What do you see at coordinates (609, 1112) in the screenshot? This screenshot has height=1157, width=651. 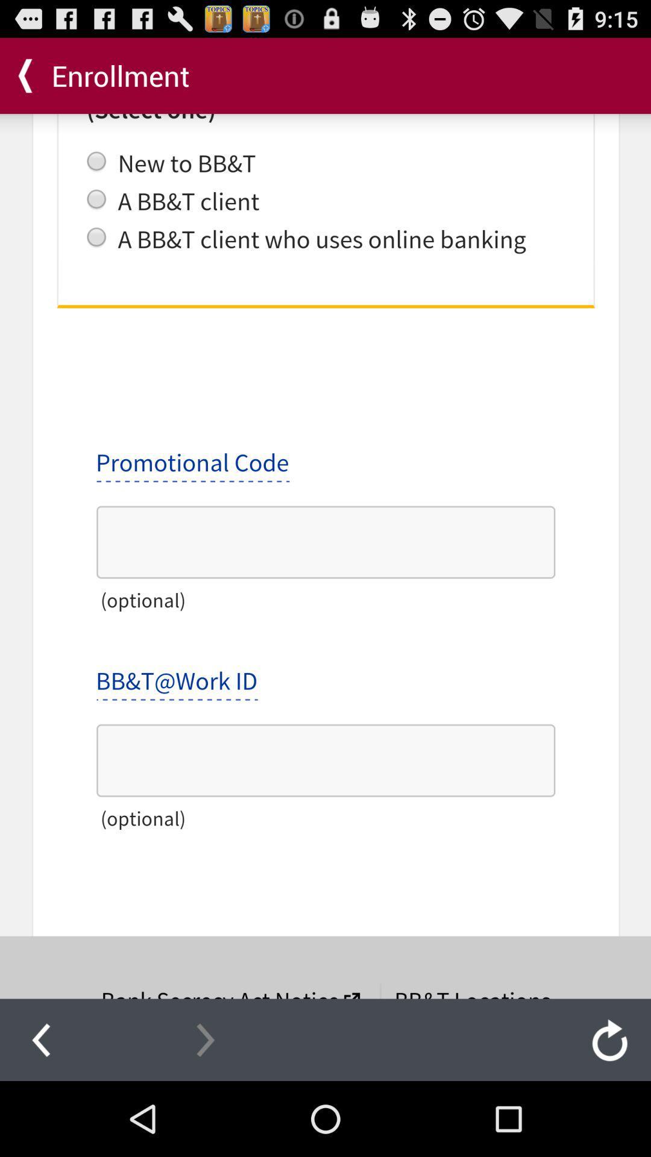 I see `the refresh icon` at bounding box center [609, 1112].